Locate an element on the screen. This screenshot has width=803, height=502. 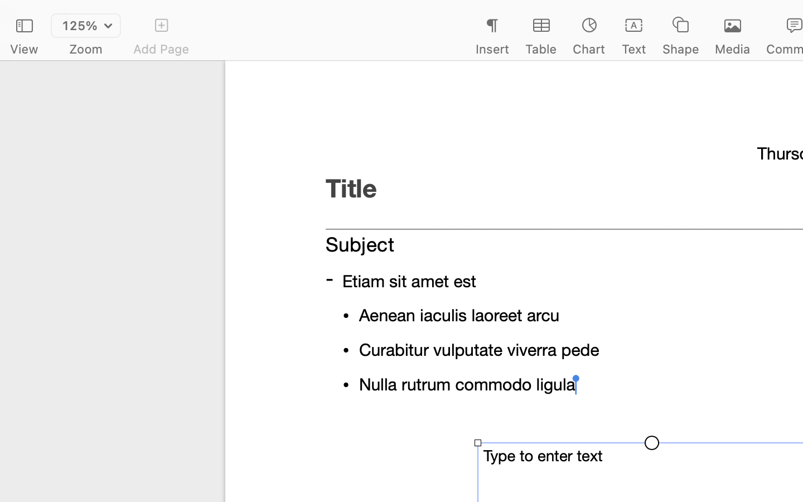
'View' is located at coordinates (23, 49).